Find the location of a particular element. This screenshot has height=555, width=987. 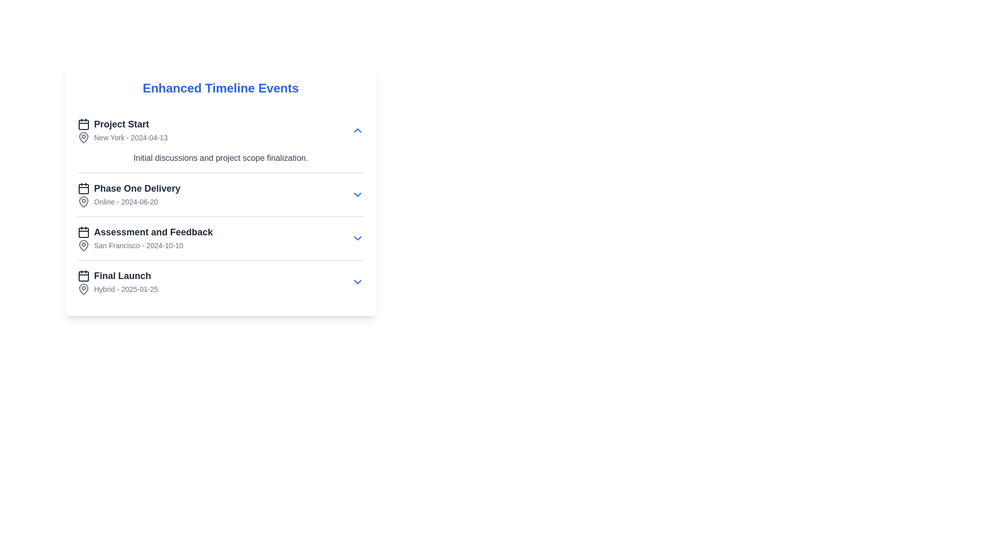

event details of the Timeline entry labeled 'Final Launch' with the date 'Hybrid - 2025-01-25', which is the last entry in the vertical timeline list is located at coordinates (220, 282).